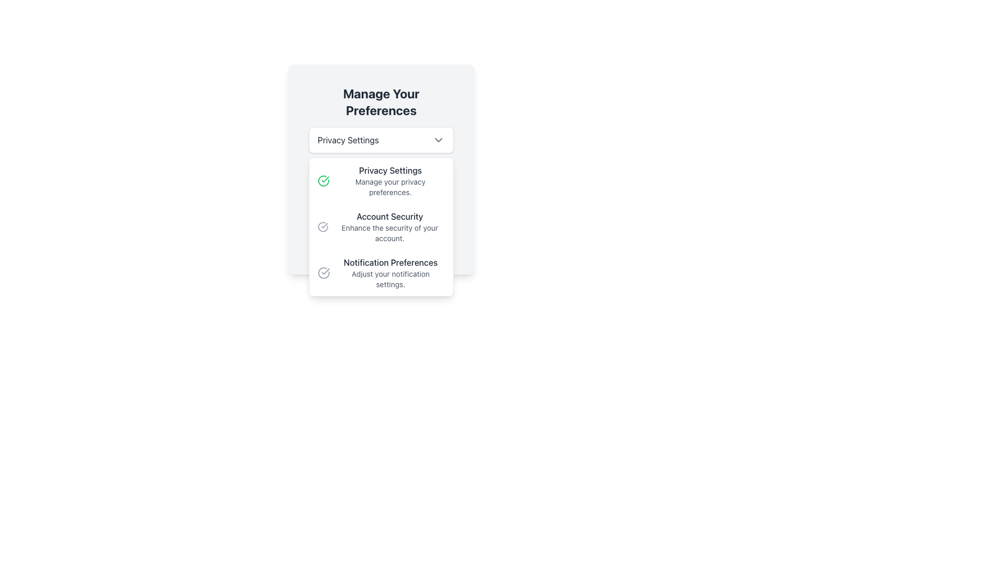 This screenshot has width=1005, height=565. Describe the element at coordinates (322, 227) in the screenshot. I see `the circular checkmark icon located near the left side of the 'Account Security' list item in the dropdown menu` at that location.